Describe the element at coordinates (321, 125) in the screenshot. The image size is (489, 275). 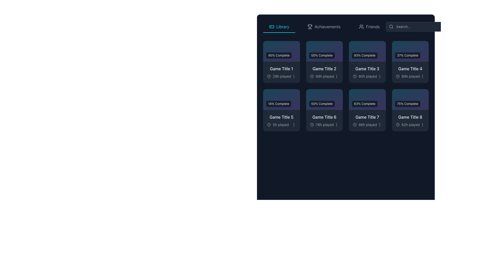
I see `the non-interactive informational display that shows the duration spent on the game 'Game Title 6', located below the title within the 'Game Title 6' card` at that location.